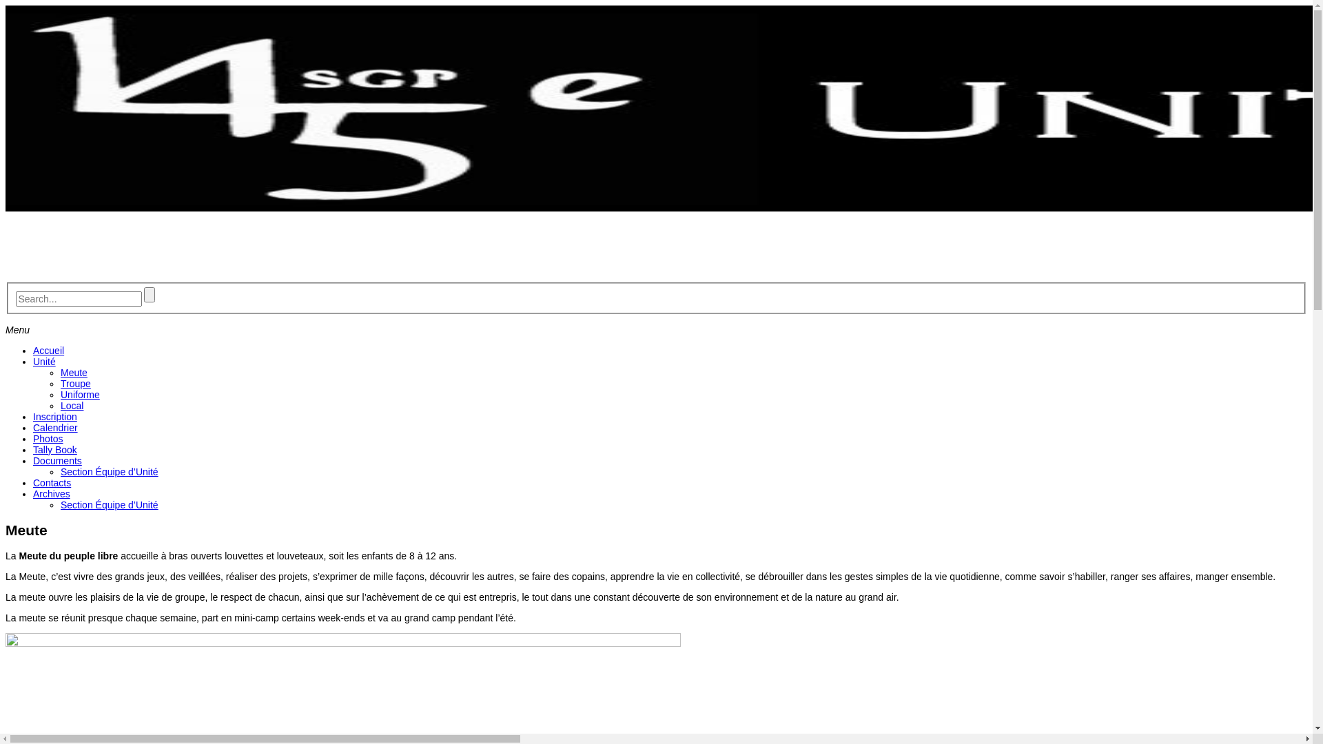 This screenshot has width=1323, height=744. What do you see at coordinates (73, 372) in the screenshot?
I see `'Meute'` at bounding box center [73, 372].